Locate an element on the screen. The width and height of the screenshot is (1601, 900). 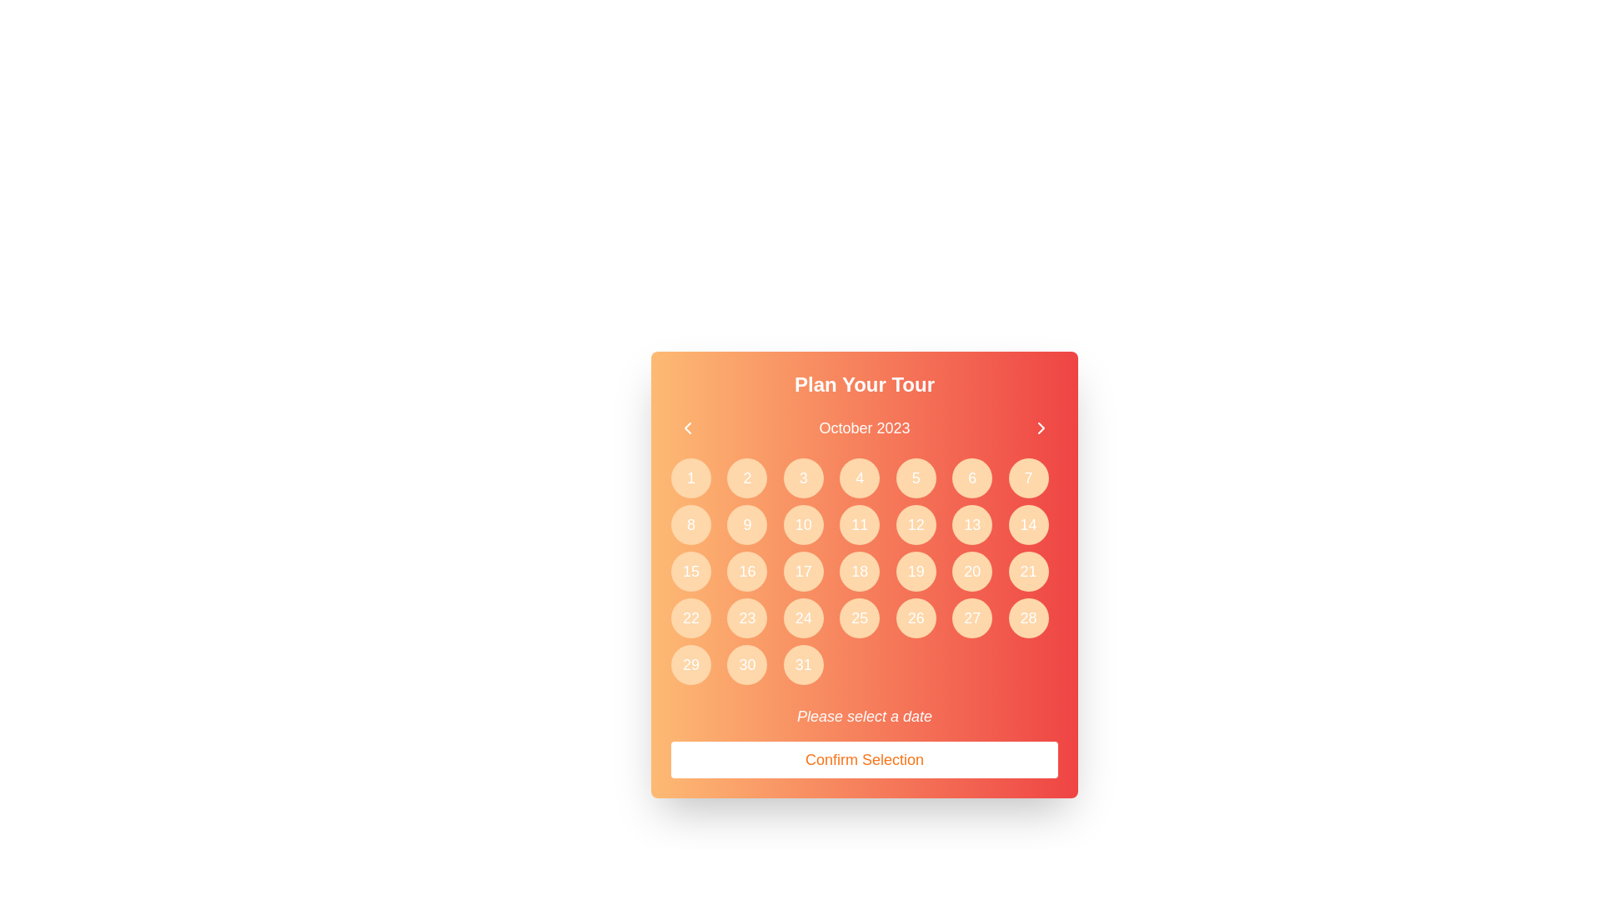
the circular button with a peach-orange background and white text displaying the number '6' is located at coordinates (972, 478).